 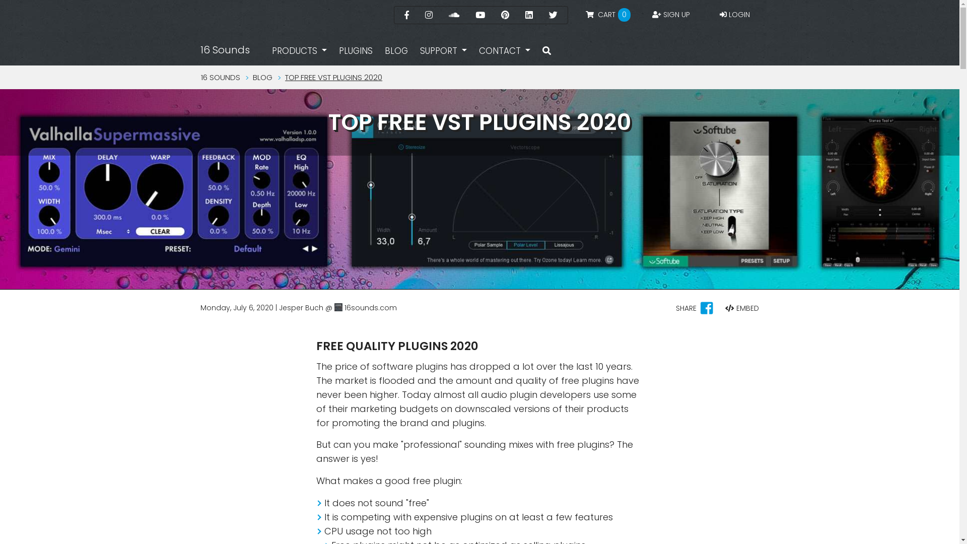 What do you see at coordinates (505, 15) in the screenshot?
I see `'Pinterest'` at bounding box center [505, 15].